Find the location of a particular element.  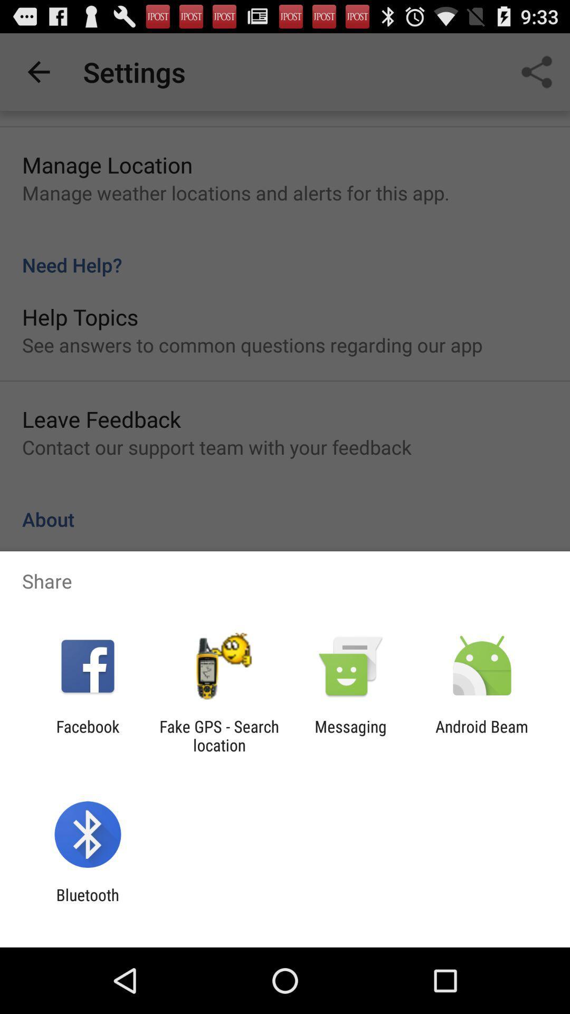

facebook icon is located at coordinates (87, 735).